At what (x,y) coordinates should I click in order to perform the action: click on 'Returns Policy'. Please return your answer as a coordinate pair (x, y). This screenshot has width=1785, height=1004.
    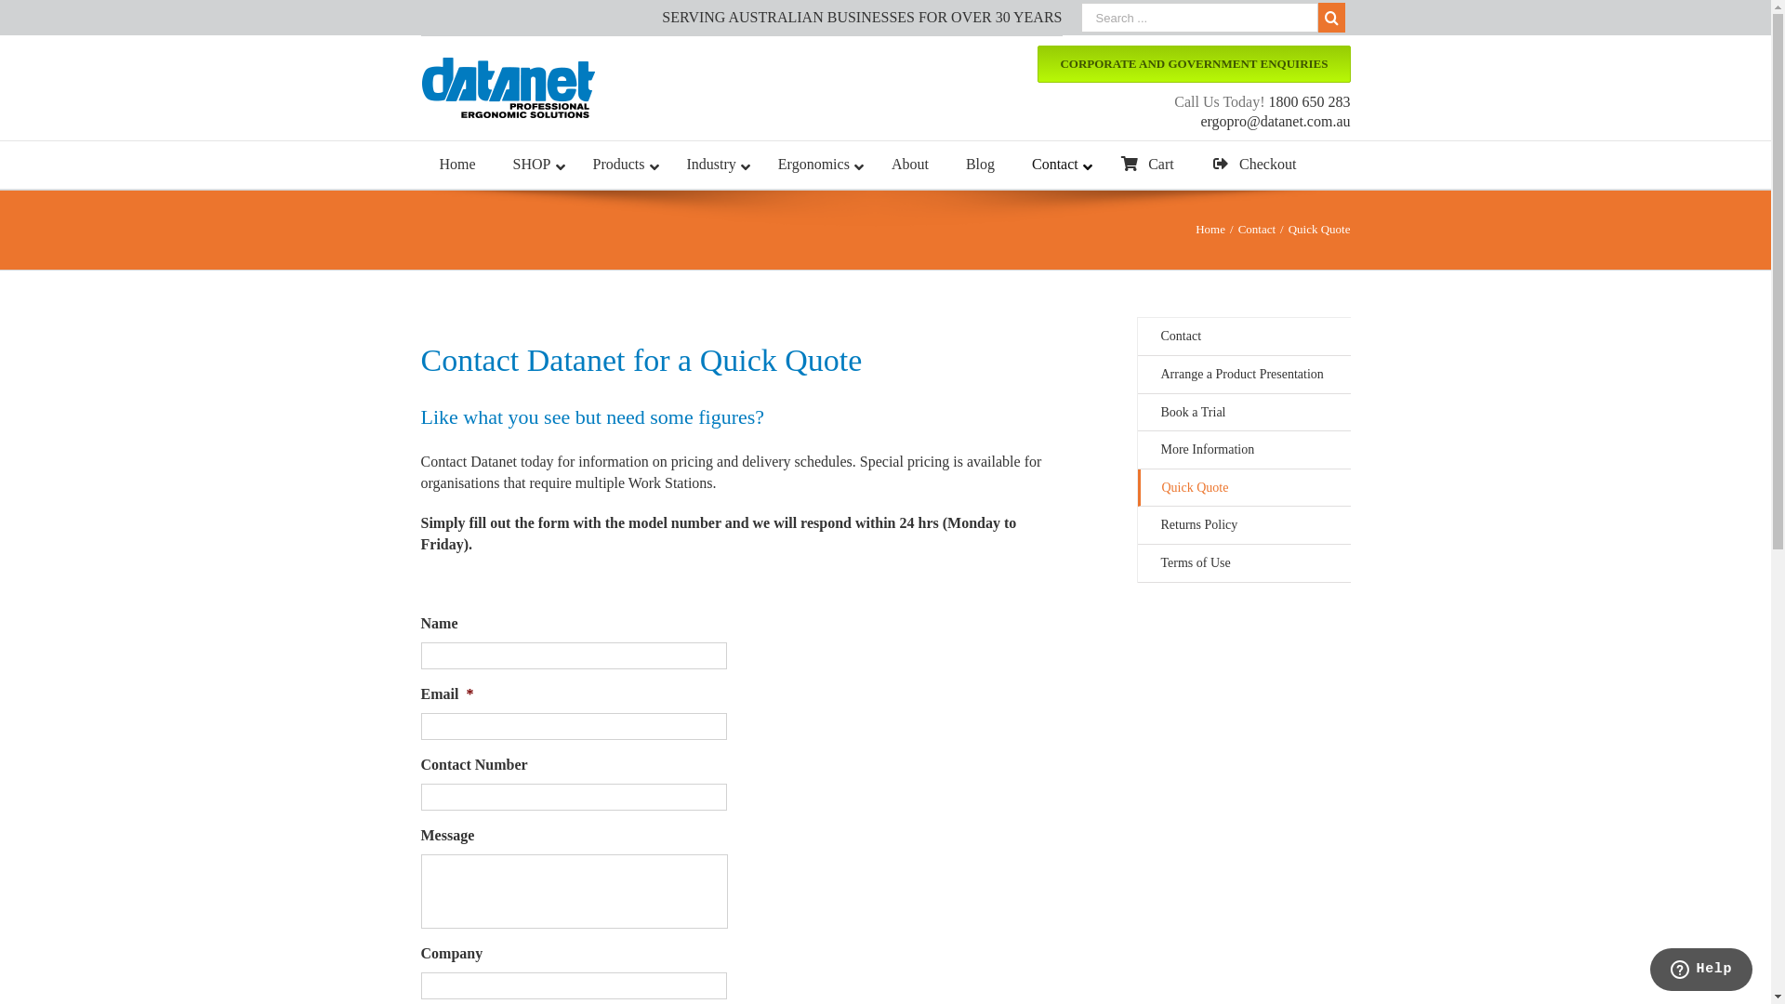
    Looking at the image, I should click on (1244, 525).